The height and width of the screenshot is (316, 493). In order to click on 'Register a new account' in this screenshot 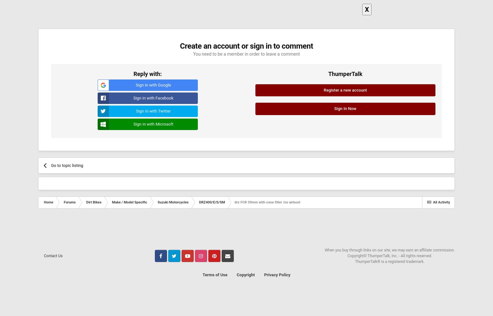, I will do `click(345, 89)`.